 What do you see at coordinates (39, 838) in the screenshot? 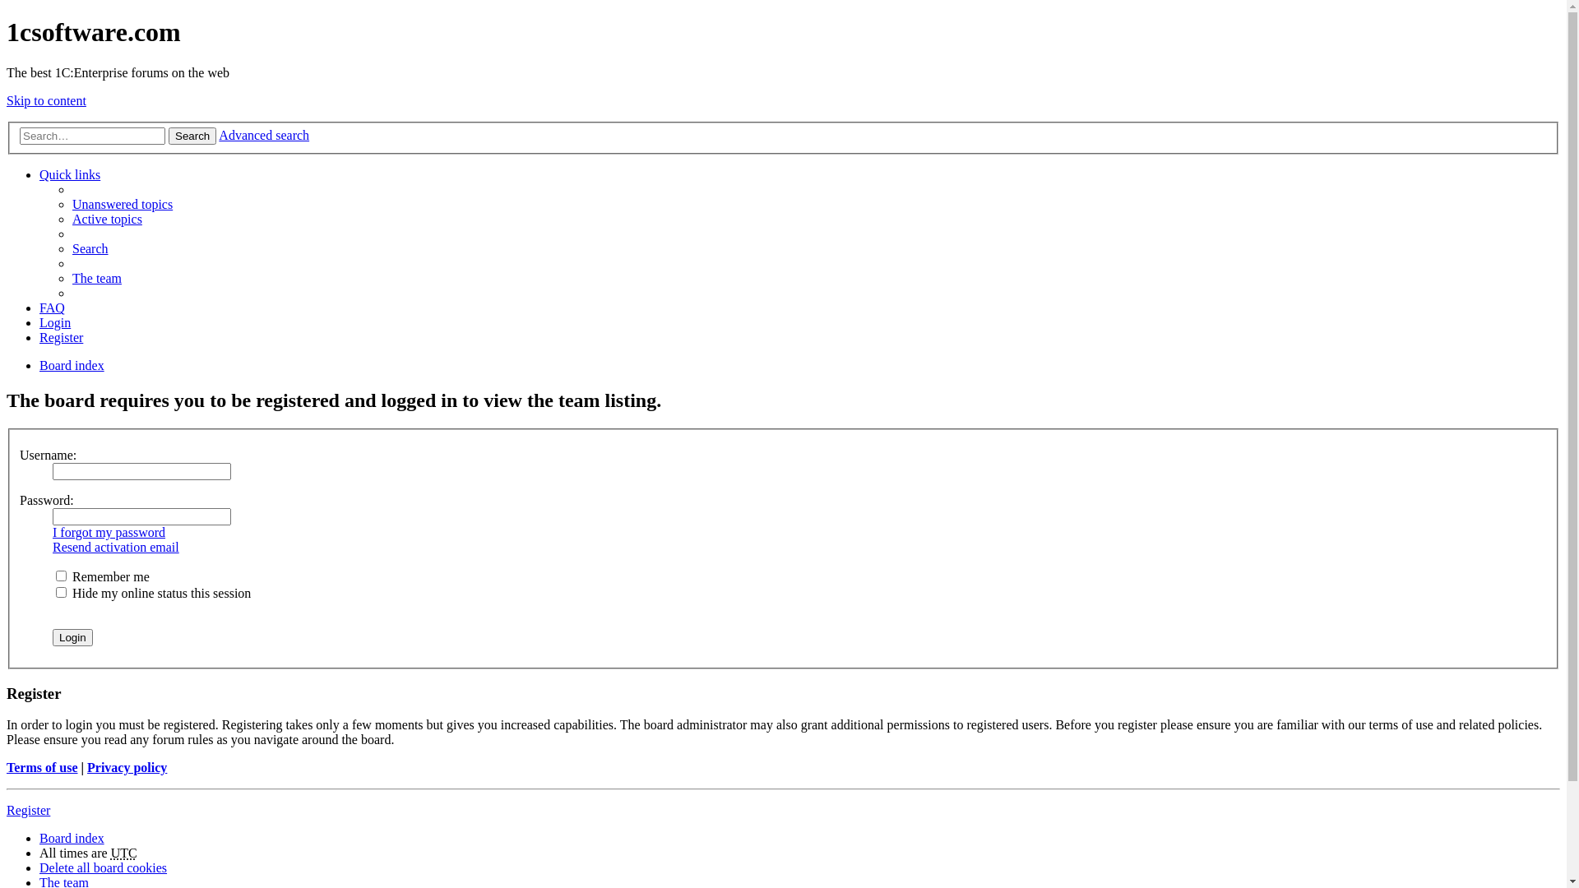
I see `'Board index'` at bounding box center [39, 838].